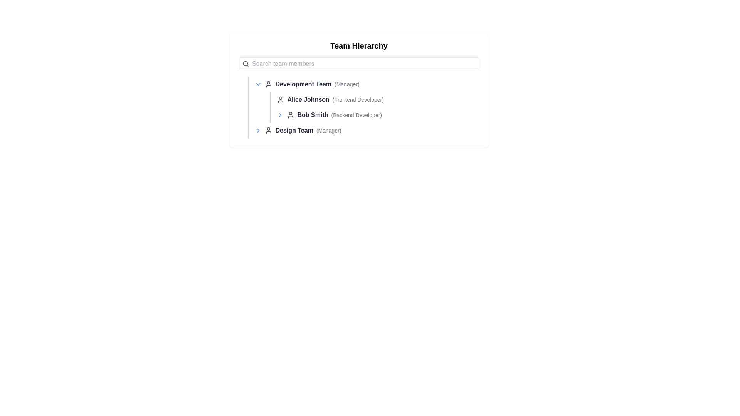 This screenshot has height=416, width=740. Describe the element at coordinates (258, 84) in the screenshot. I see `the toggle chevron icon for expanding or collapsing the hierarchical structure of the 'Development Team (Manager)'` at that location.